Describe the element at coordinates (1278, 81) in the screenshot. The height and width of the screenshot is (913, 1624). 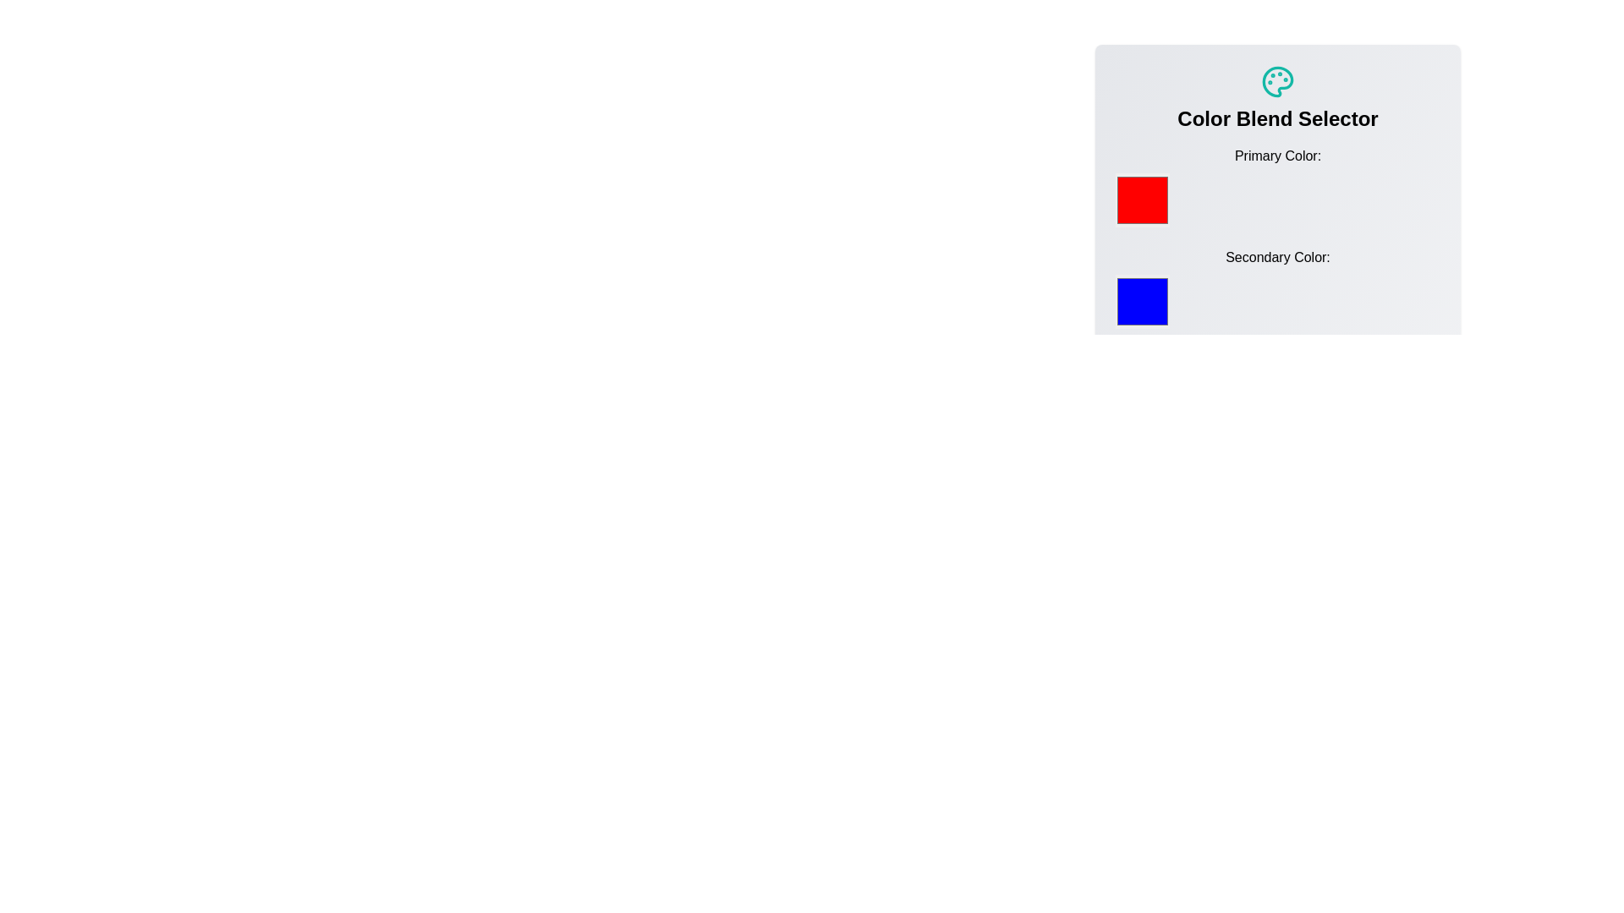
I see `the Decorative Icon representing a palette, which symbolizes color selection or blending functionality, located at the top of the 'Color Blend Selector' card` at that location.